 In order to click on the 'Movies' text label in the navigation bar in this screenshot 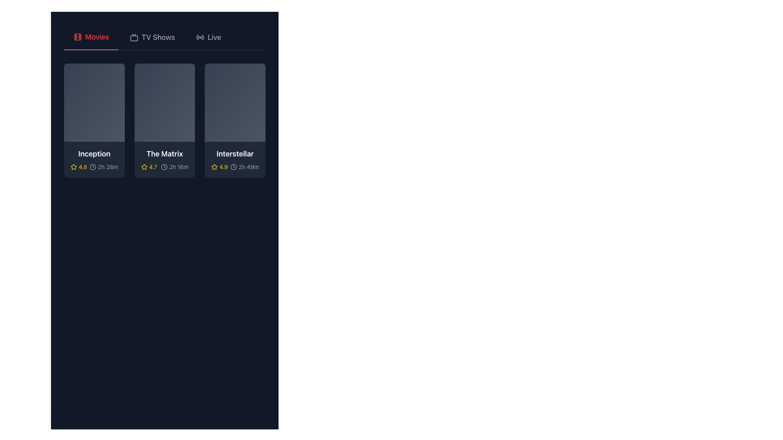, I will do `click(97, 37)`.